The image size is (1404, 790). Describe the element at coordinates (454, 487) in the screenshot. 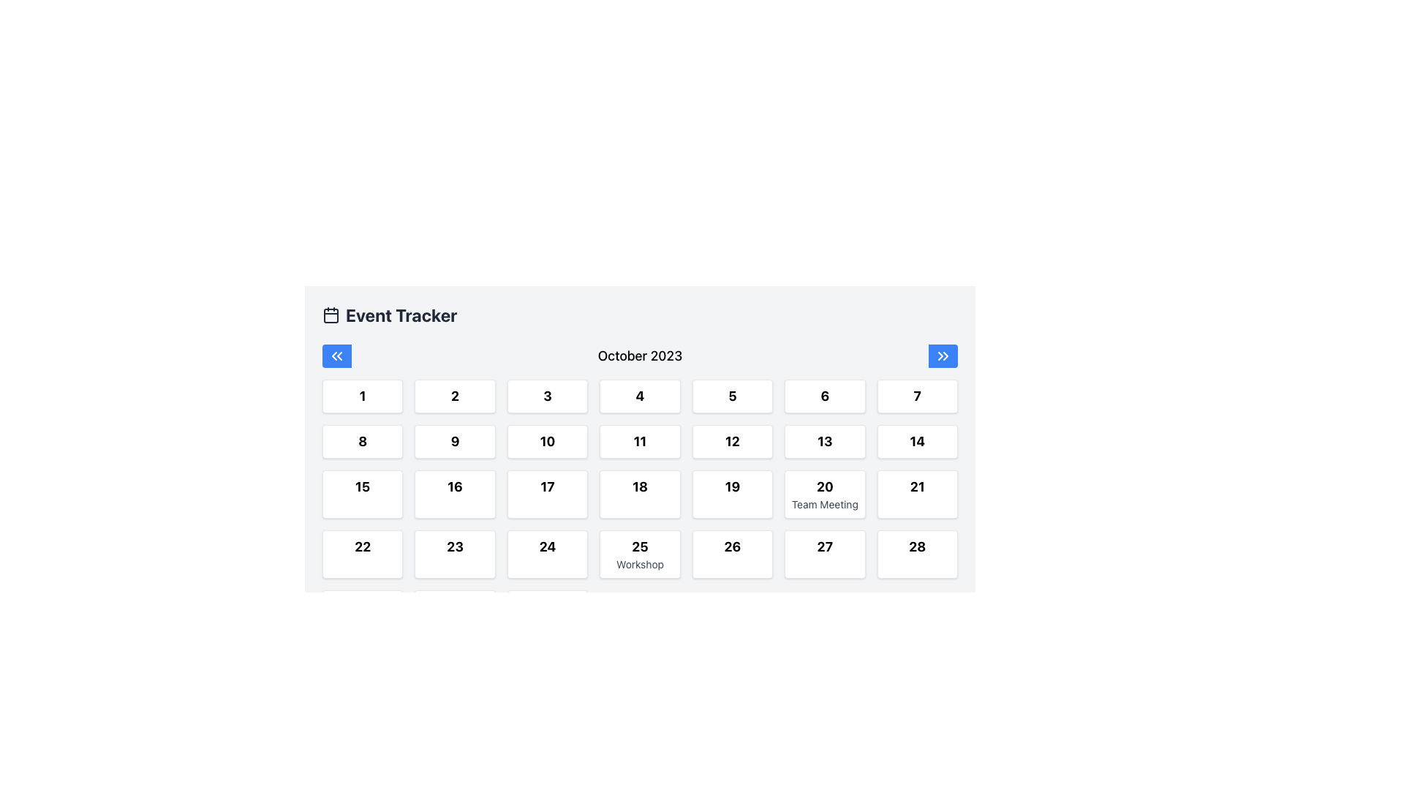

I see `the text label '16' within the square button located in the third row and second column of the calendar interface for October 2023` at that location.